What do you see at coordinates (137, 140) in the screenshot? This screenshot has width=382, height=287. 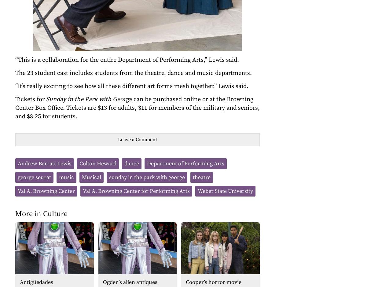 I see `'Leave a Comment'` at bounding box center [137, 140].